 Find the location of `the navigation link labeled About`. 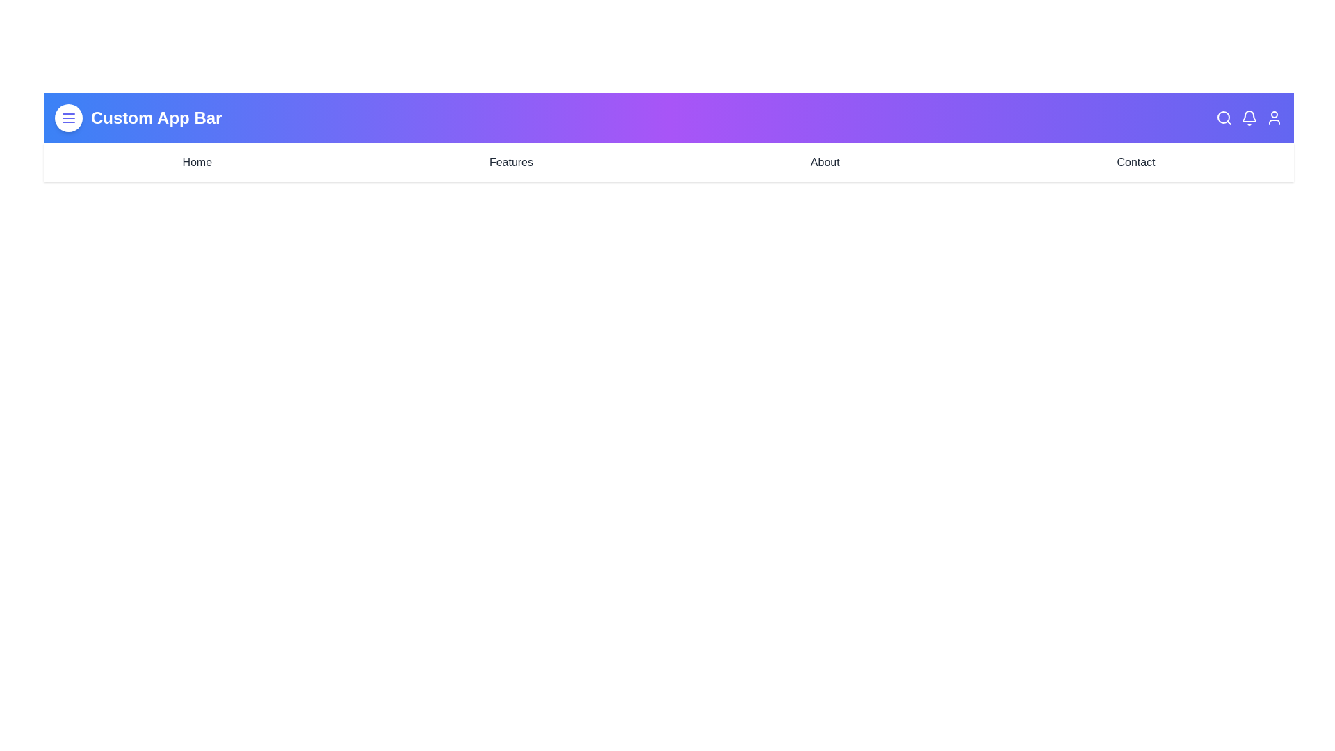

the navigation link labeled About is located at coordinates (825, 162).